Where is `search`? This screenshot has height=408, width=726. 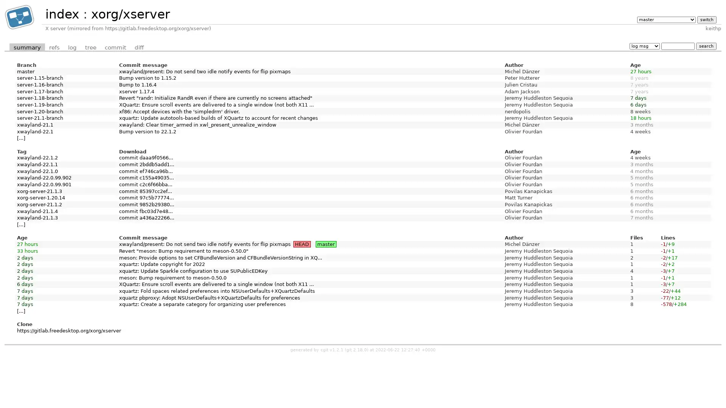 search is located at coordinates (706, 46).